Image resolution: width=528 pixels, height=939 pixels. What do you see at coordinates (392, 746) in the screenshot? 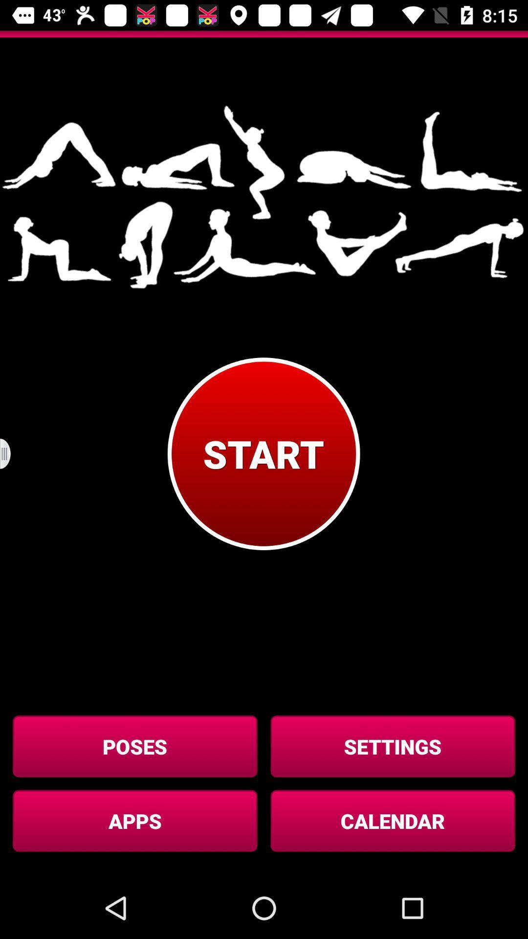
I see `button below the start item` at bounding box center [392, 746].